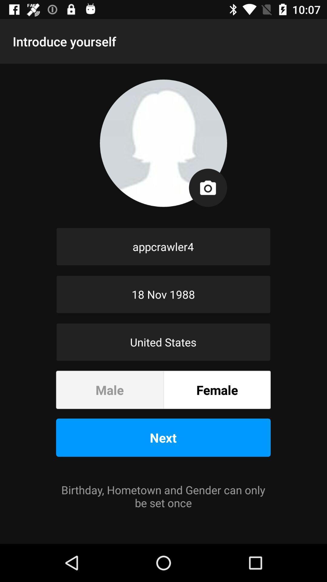  I want to click on the 18 nov 1988 item, so click(163, 294).